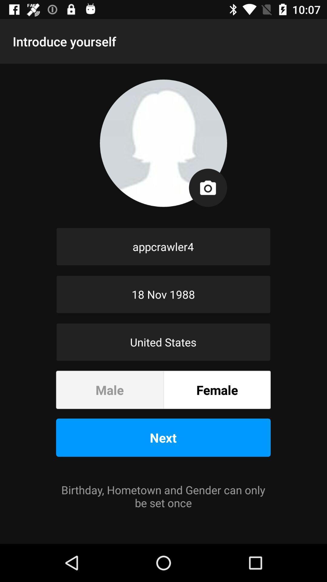  I want to click on the 18 nov 1988 item, so click(163, 294).